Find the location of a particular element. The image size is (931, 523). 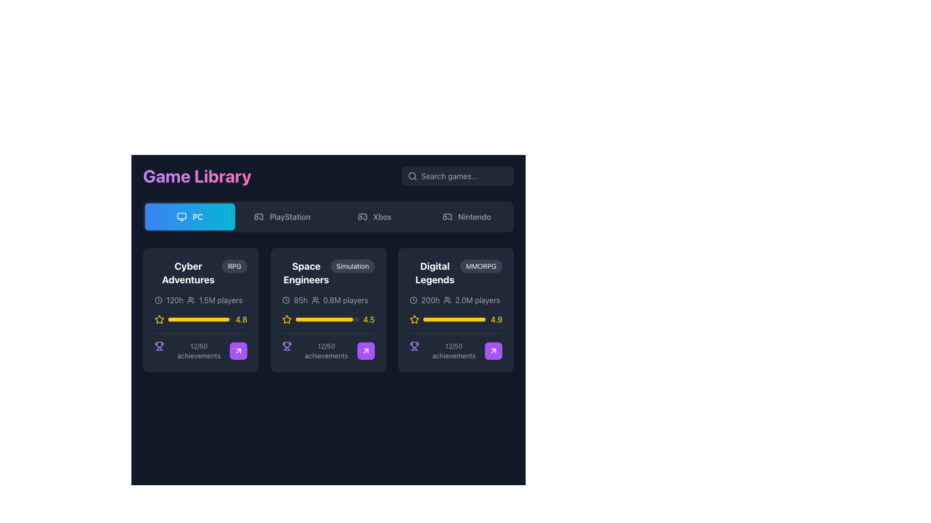

the Progress summary label located in the bottom portion of the 'Digital Legends' card, which combines an icon and text, and is directly above the upward arrow button is located at coordinates (447, 351).